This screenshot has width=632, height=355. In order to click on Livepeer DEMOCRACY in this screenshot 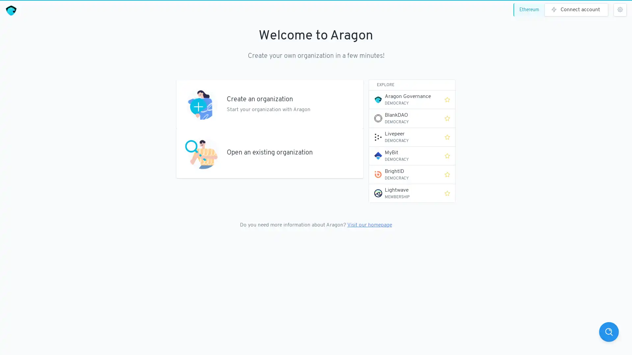, I will do `click(404, 136)`.